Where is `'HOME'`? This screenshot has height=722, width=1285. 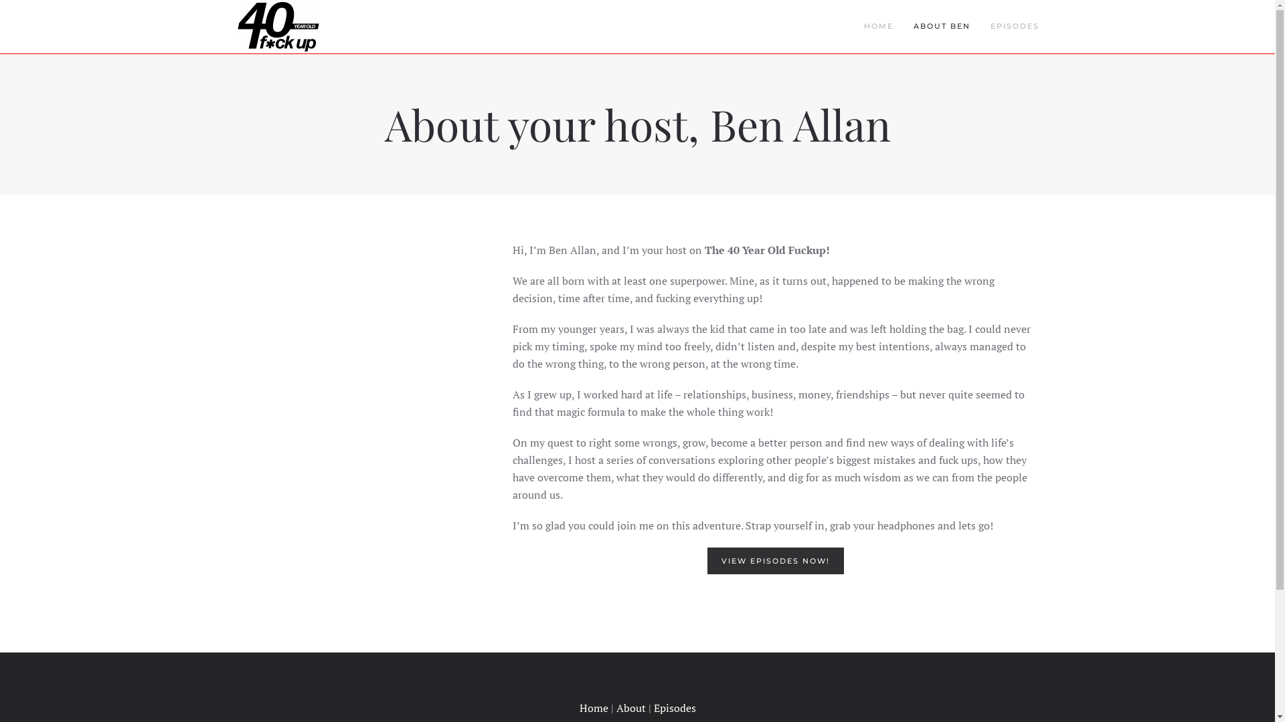
'HOME' is located at coordinates (879, 26).